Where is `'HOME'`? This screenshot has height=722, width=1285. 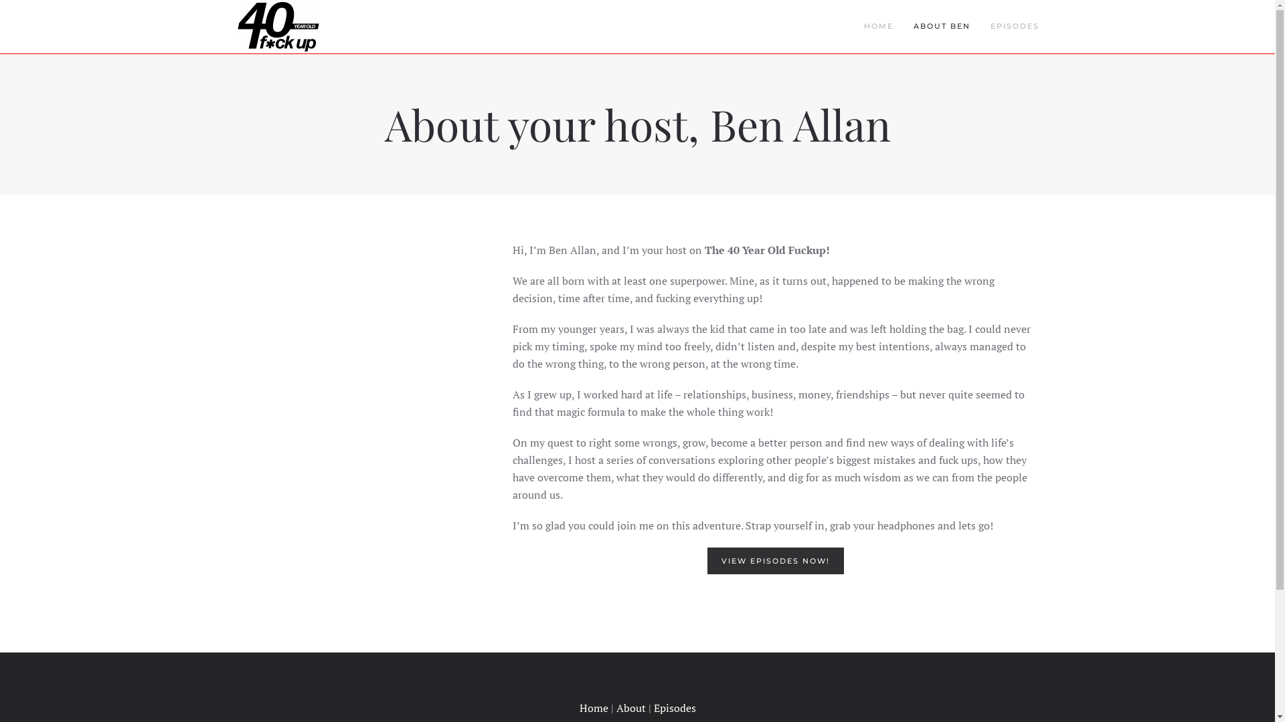
'HOME' is located at coordinates (879, 26).